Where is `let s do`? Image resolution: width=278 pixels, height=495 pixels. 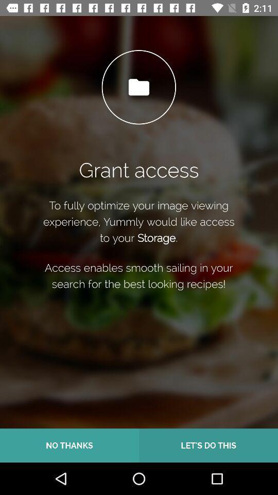 let s do is located at coordinates (208, 445).